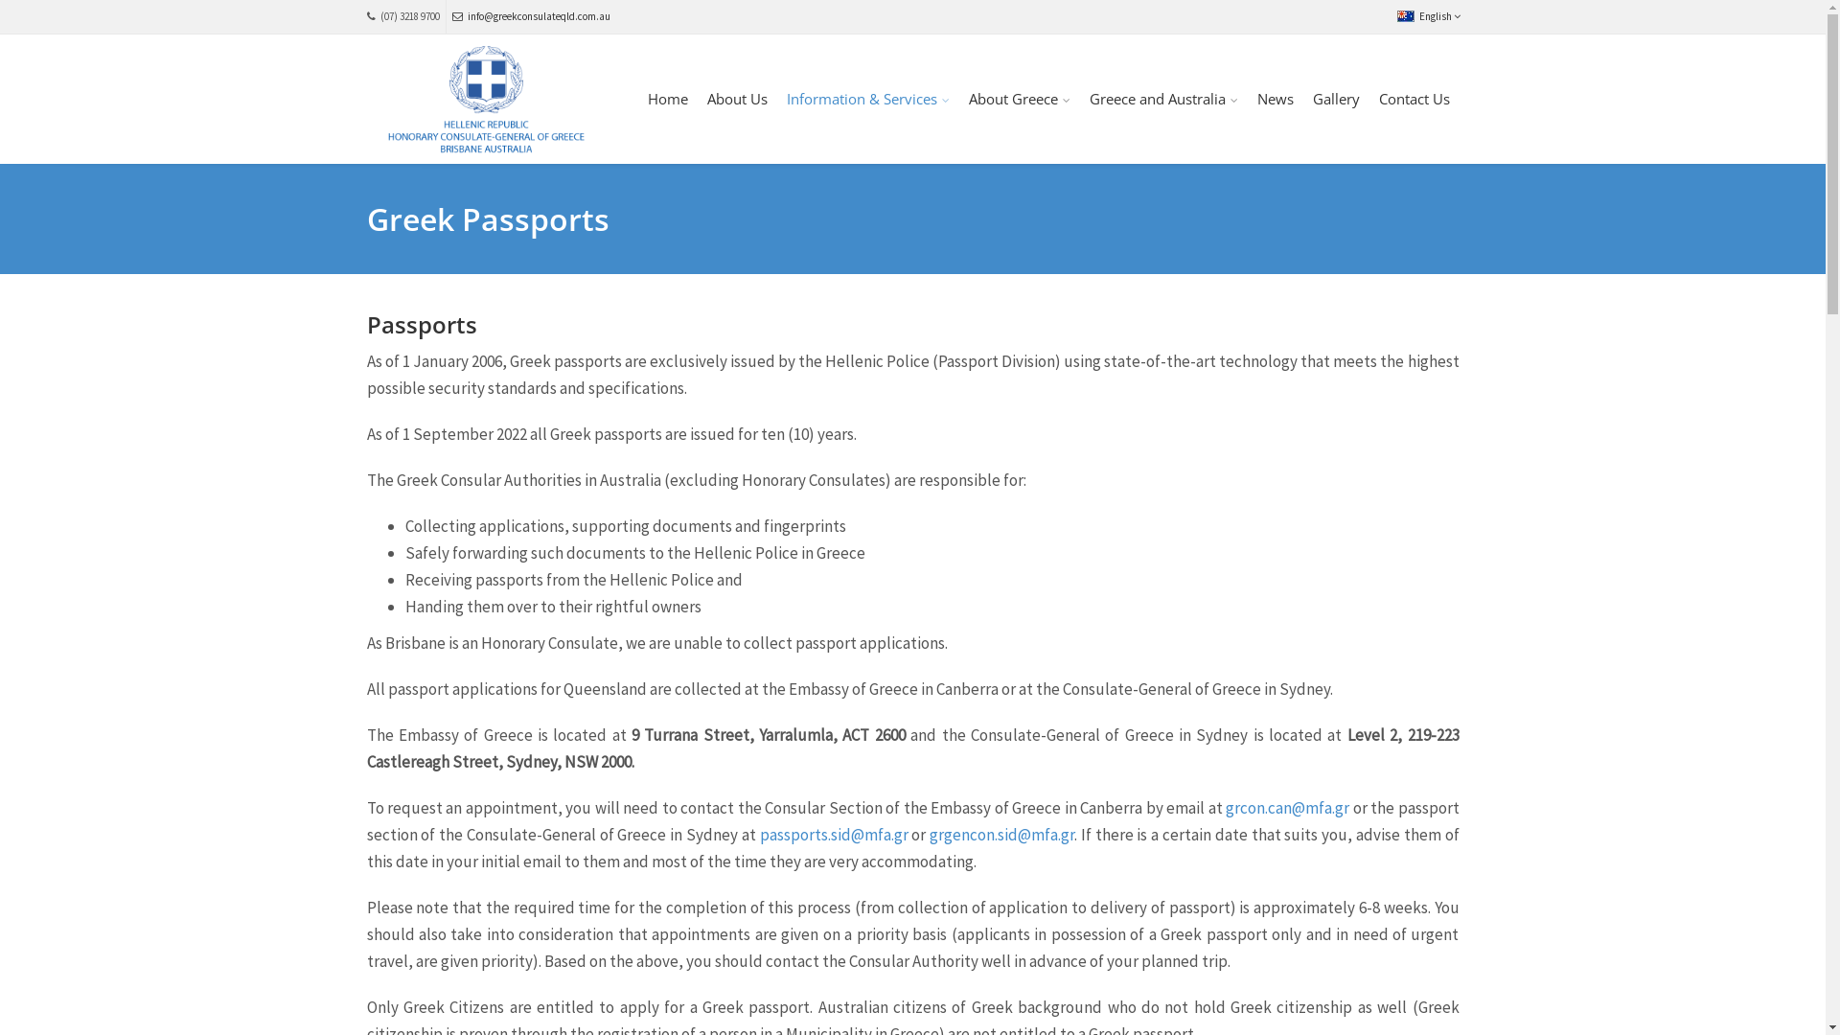 This screenshot has height=1035, width=1840. What do you see at coordinates (1000, 834) in the screenshot?
I see `'grgencon.sid@mfa.gr'` at bounding box center [1000, 834].